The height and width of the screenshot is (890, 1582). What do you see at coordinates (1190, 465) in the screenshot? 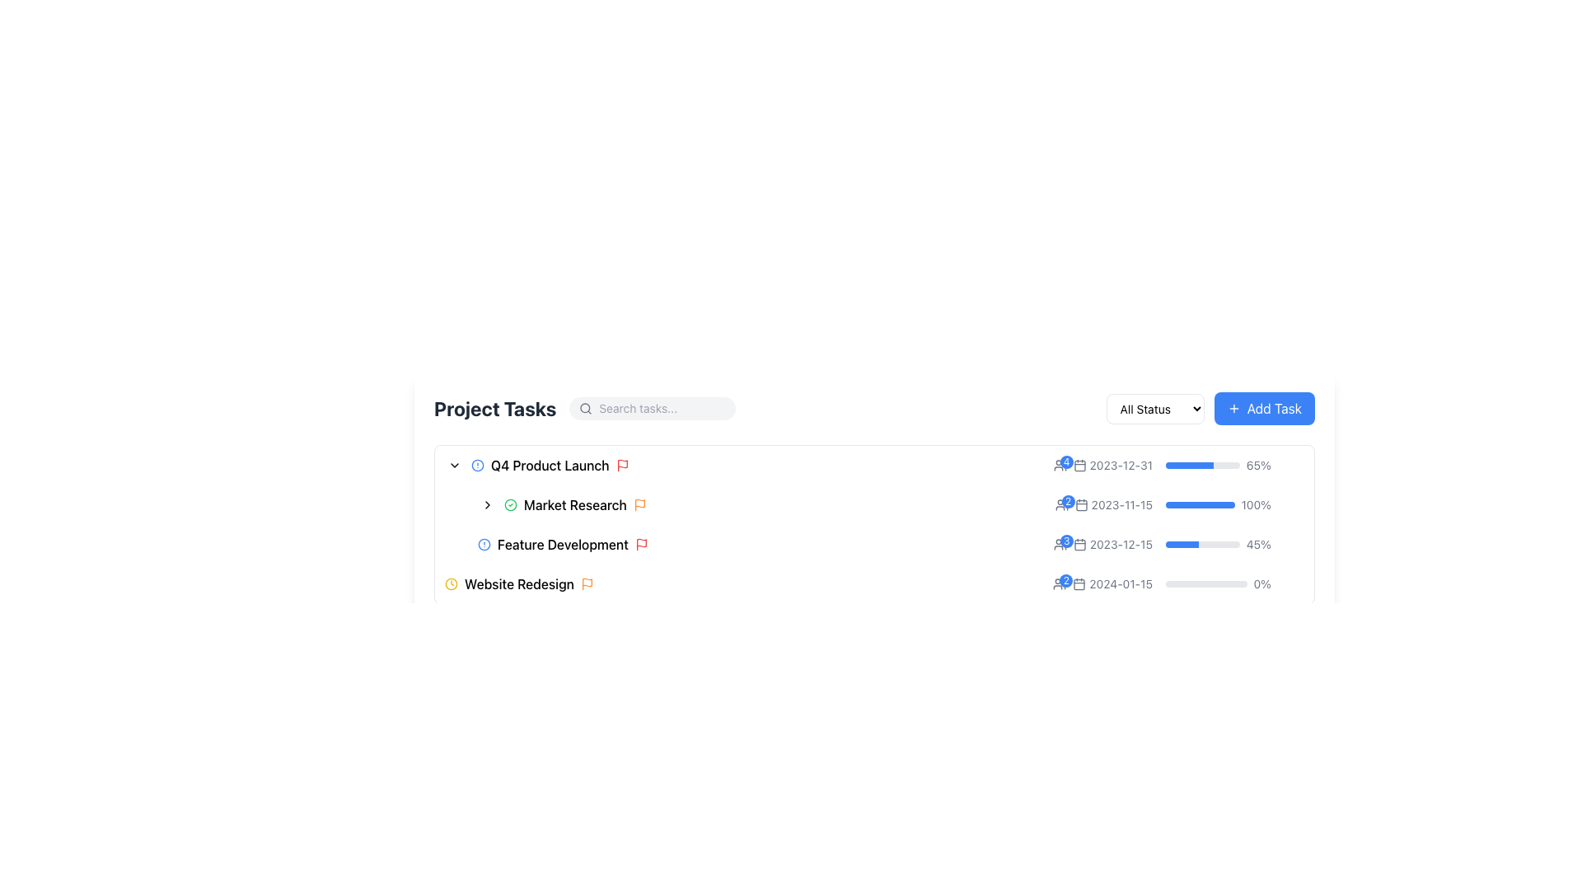
I see `task completion` at bounding box center [1190, 465].